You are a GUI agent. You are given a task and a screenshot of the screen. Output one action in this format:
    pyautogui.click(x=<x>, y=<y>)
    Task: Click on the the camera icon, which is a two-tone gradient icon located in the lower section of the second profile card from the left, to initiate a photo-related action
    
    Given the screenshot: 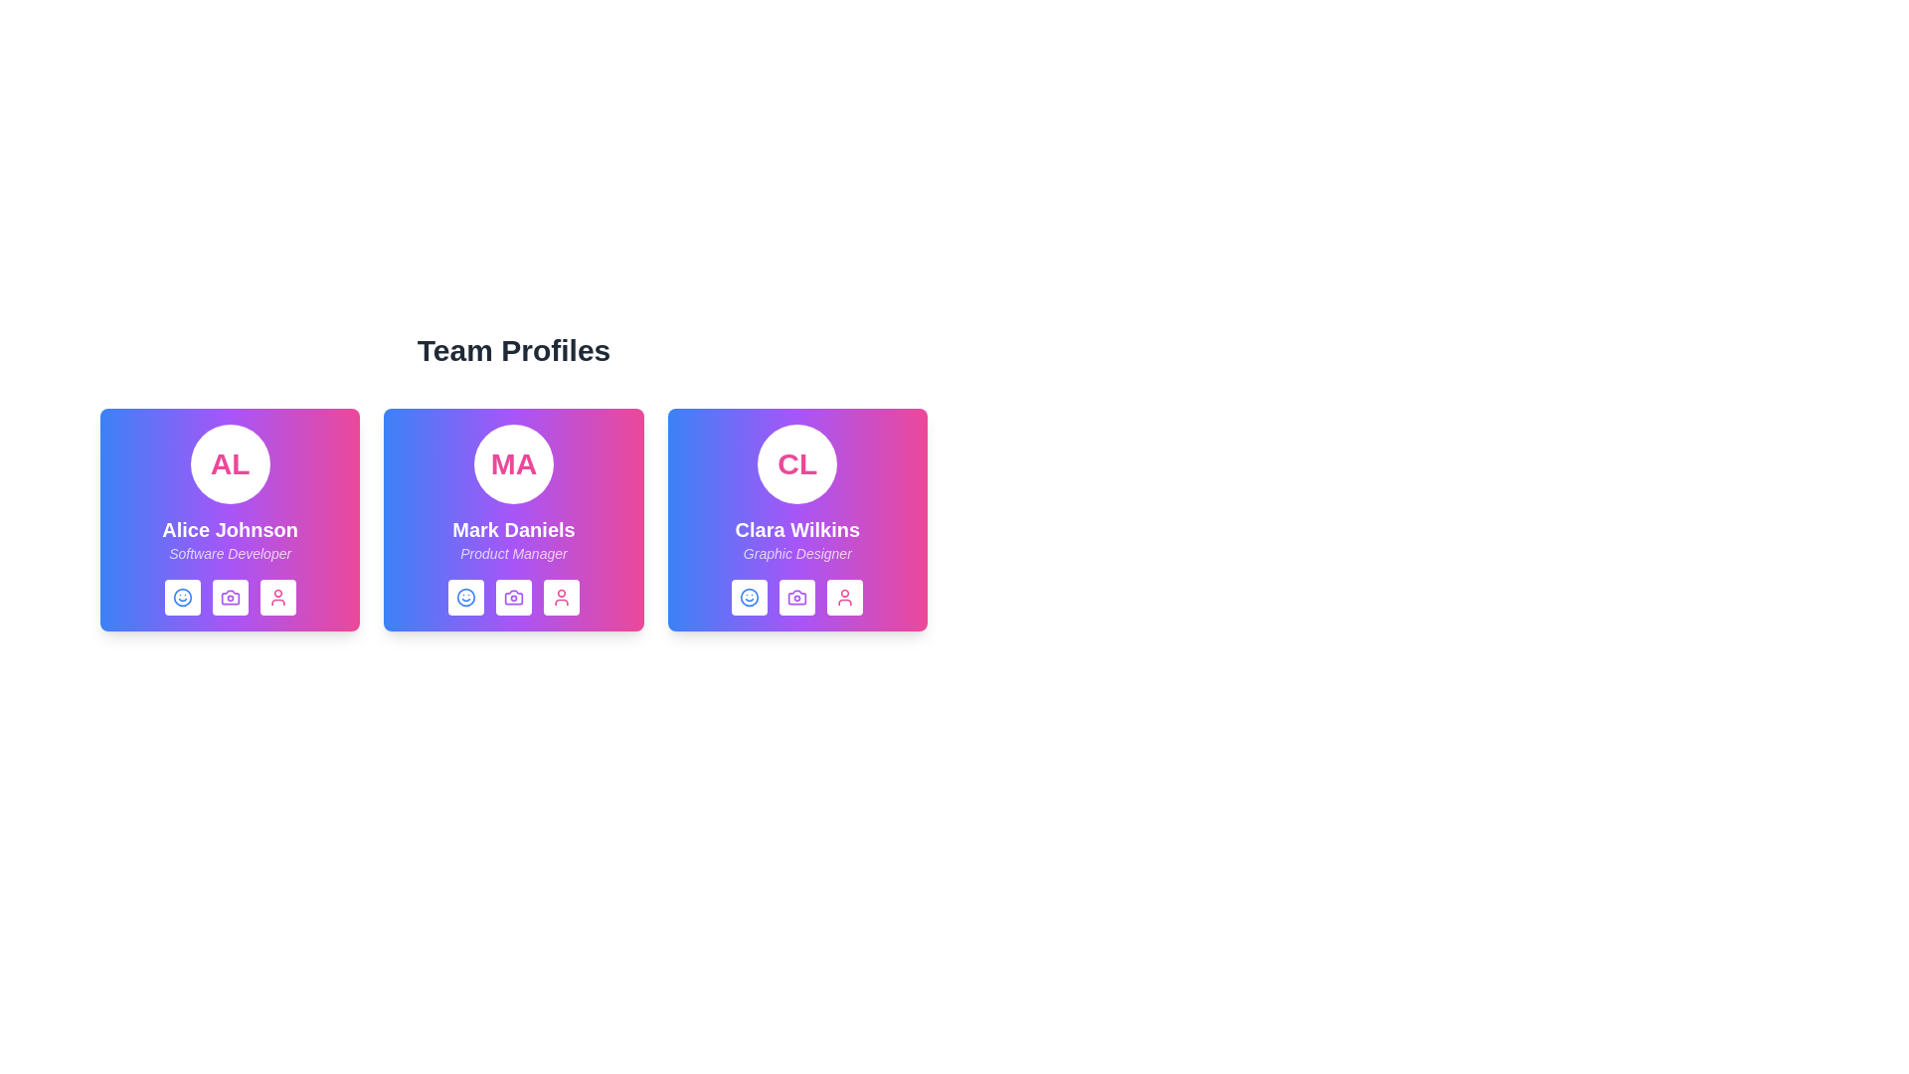 What is the action you would take?
    pyautogui.click(x=514, y=597)
    